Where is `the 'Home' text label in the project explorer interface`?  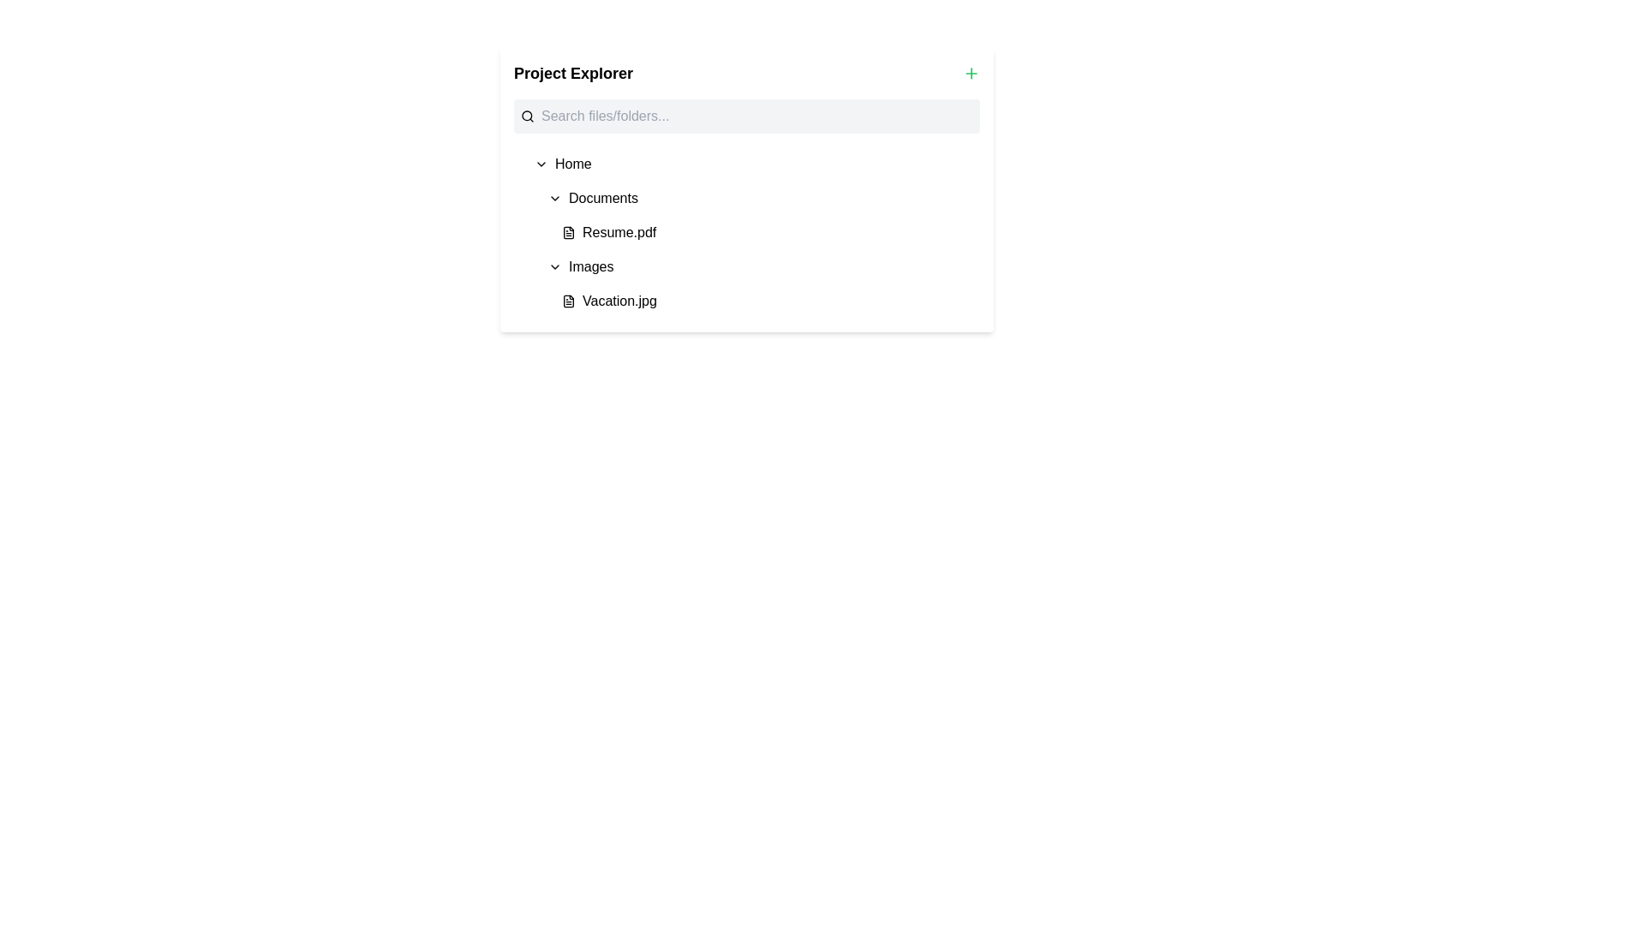 the 'Home' text label in the project explorer interface is located at coordinates (573, 164).